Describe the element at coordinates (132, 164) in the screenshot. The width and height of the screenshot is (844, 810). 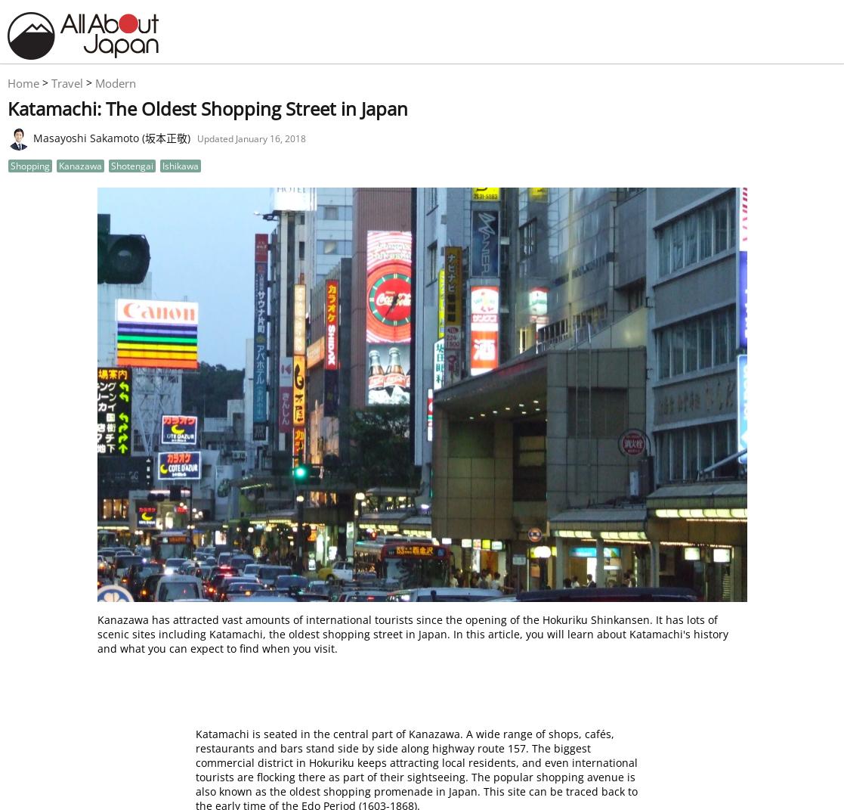
I see `'Shotengai'` at that location.